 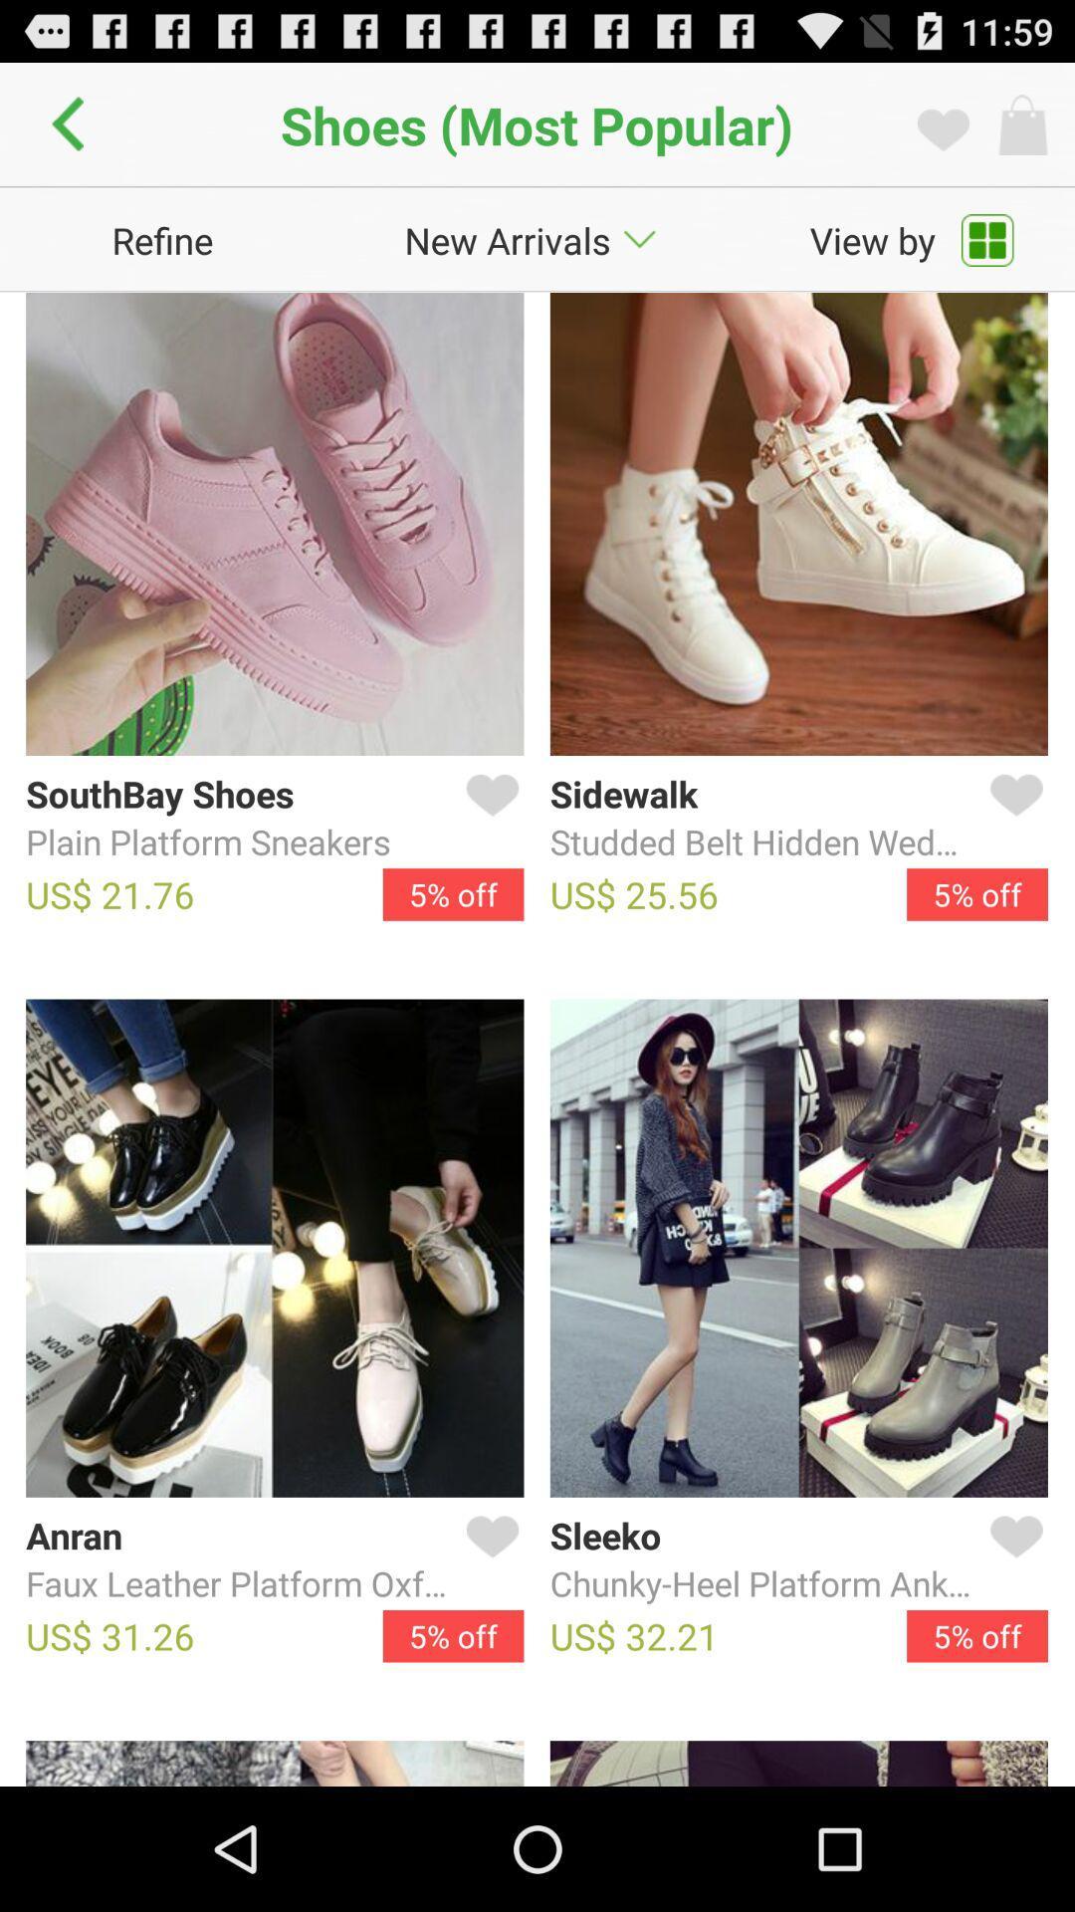 I want to click on to favorites, so click(x=488, y=1559).